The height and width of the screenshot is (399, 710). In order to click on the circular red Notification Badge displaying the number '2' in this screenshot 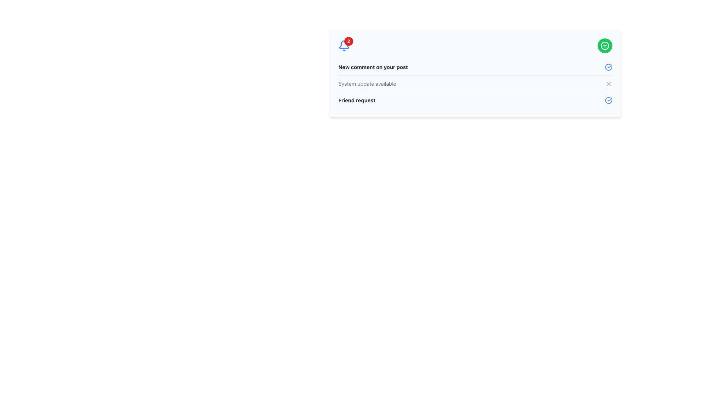, I will do `click(348, 41)`.